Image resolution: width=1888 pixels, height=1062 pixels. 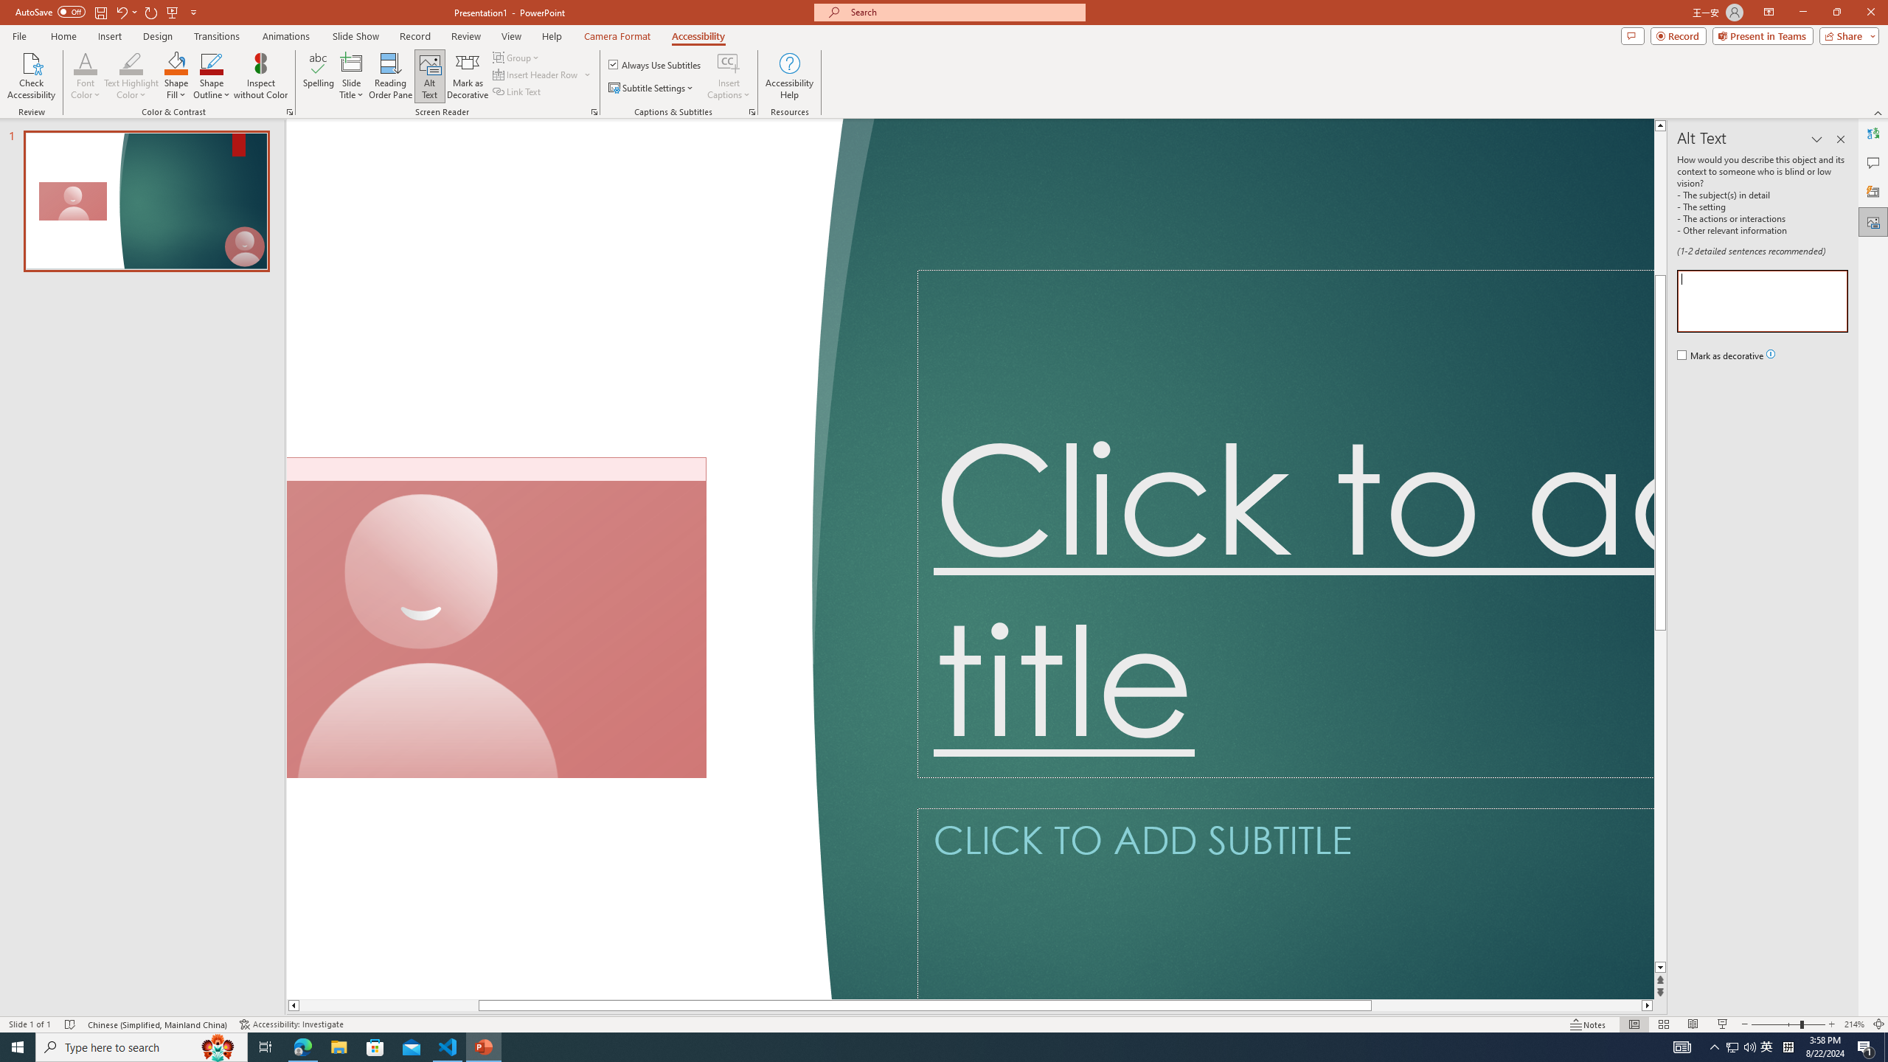 I want to click on 'Camera 7, No camera detected.', so click(x=496, y=618).